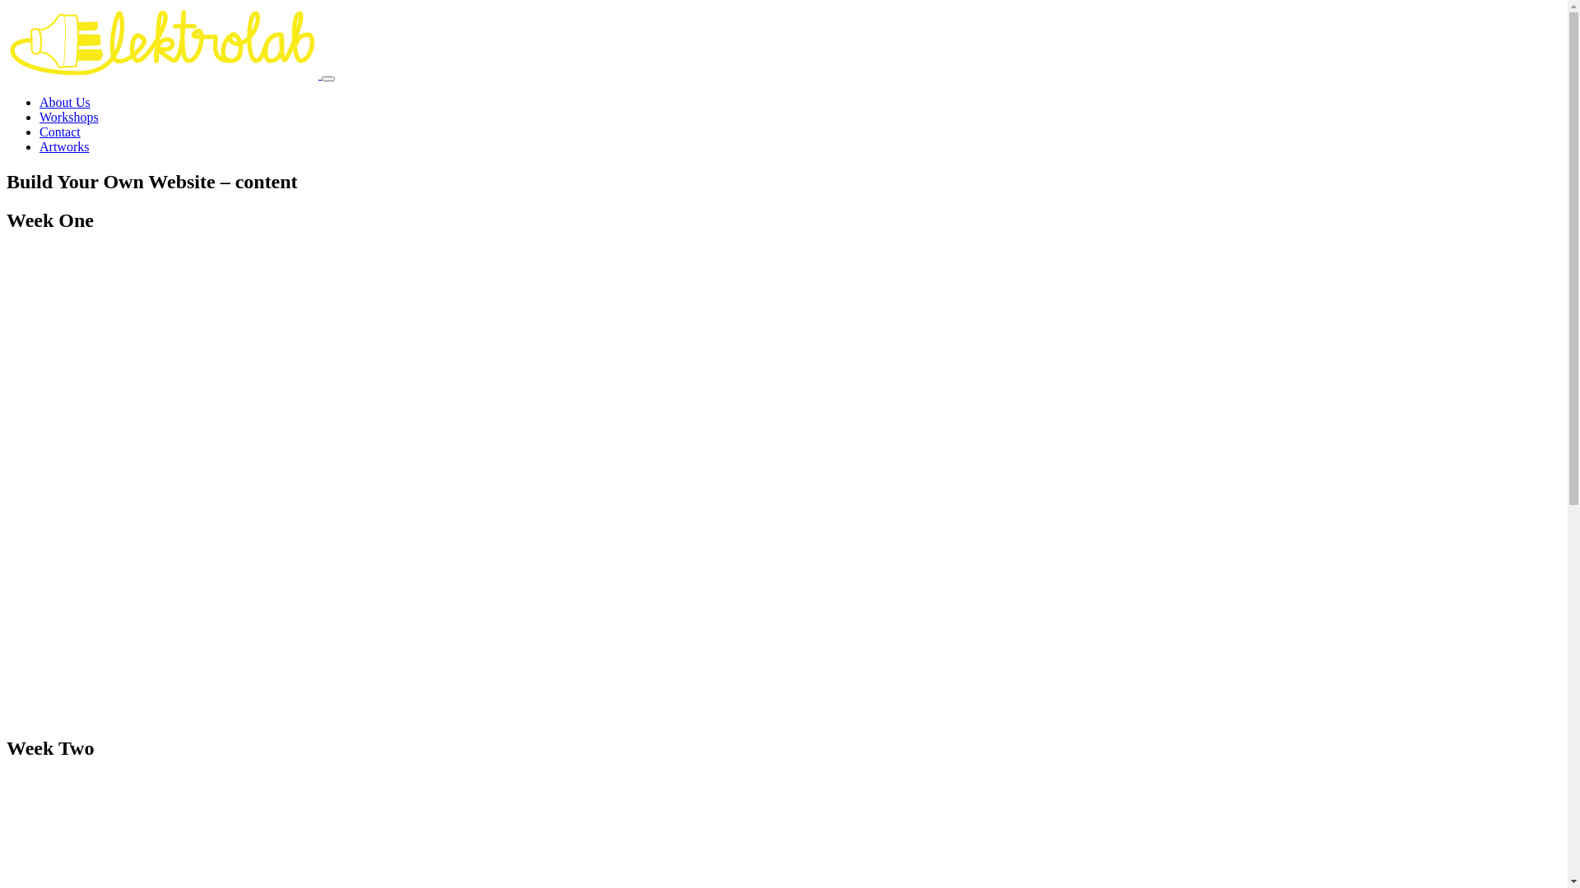 The image size is (1580, 888). What do you see at coordinates (67, 116) in the screenshot?
I see `'Workshops'` at bounding box center [67, 116].